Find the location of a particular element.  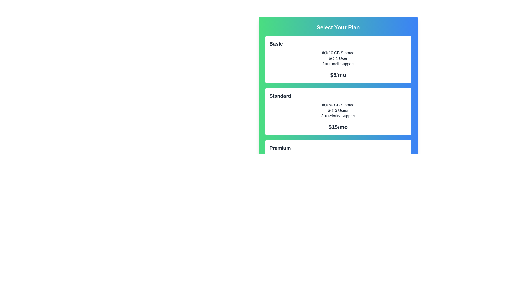

the text label describing the storage offered by the 'Standard' pricing plan, which is the first item in the bullet point list located above '• 5 Users' and '• Priority Support' is located at coordinates (338, 105).